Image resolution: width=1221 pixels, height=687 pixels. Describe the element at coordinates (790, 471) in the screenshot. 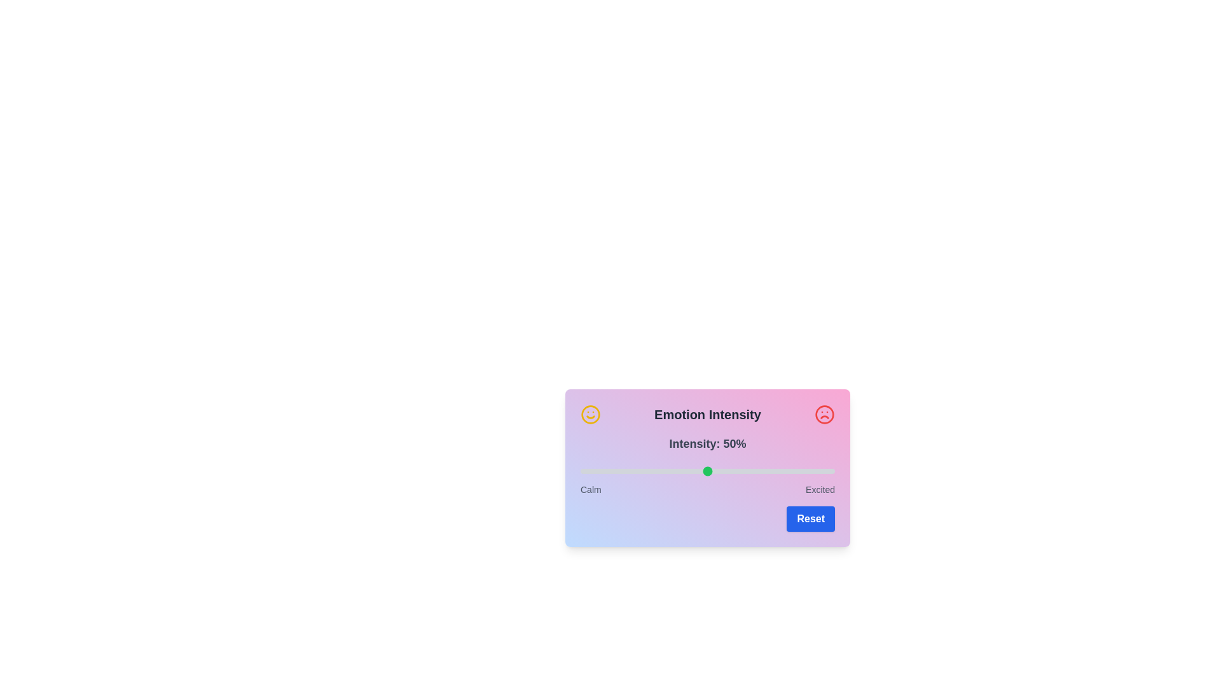

I see `the intensity slider to 83%` at that location.